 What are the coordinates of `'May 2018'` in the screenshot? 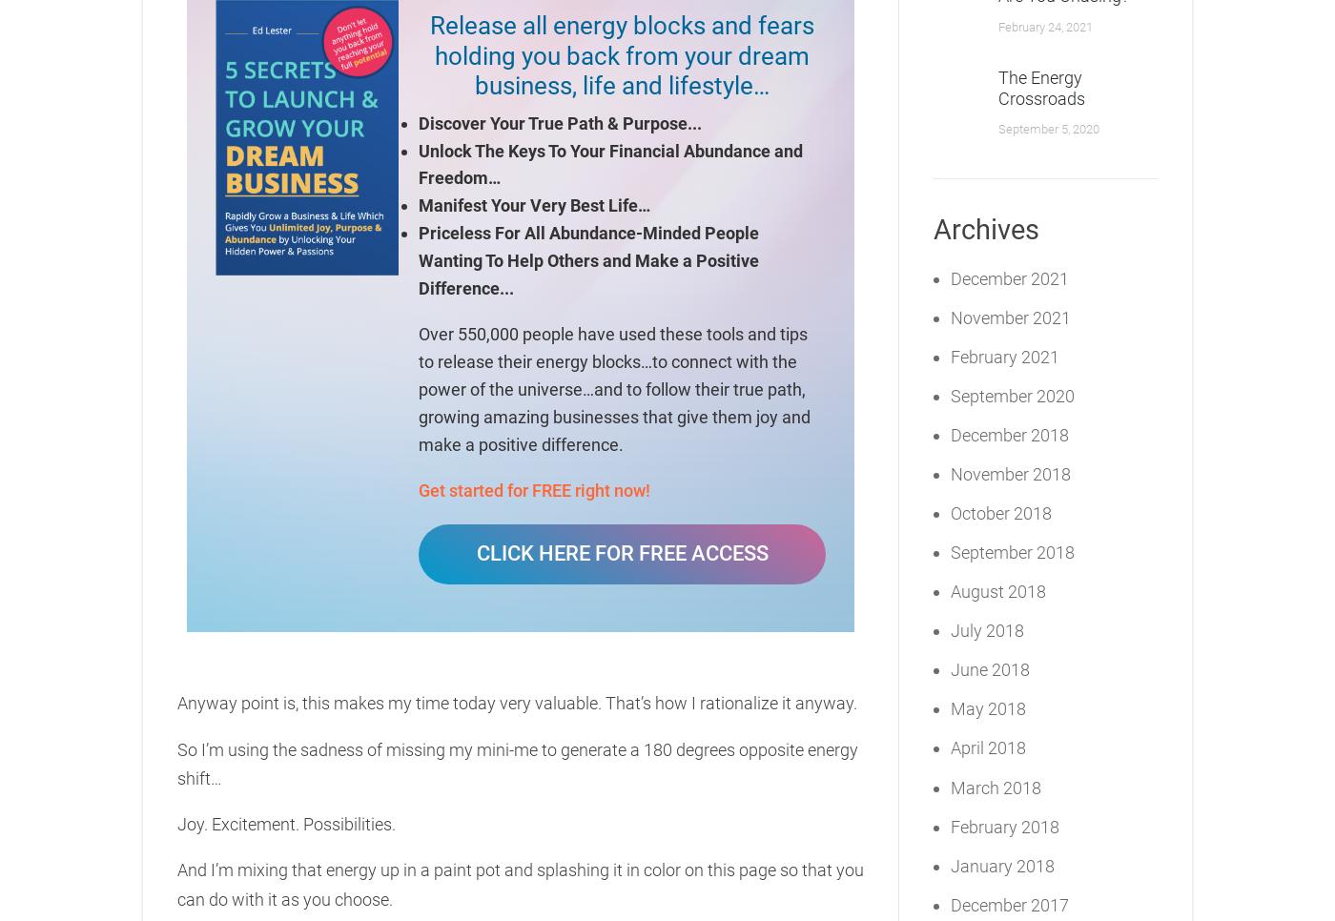 It's located at (988, 708).